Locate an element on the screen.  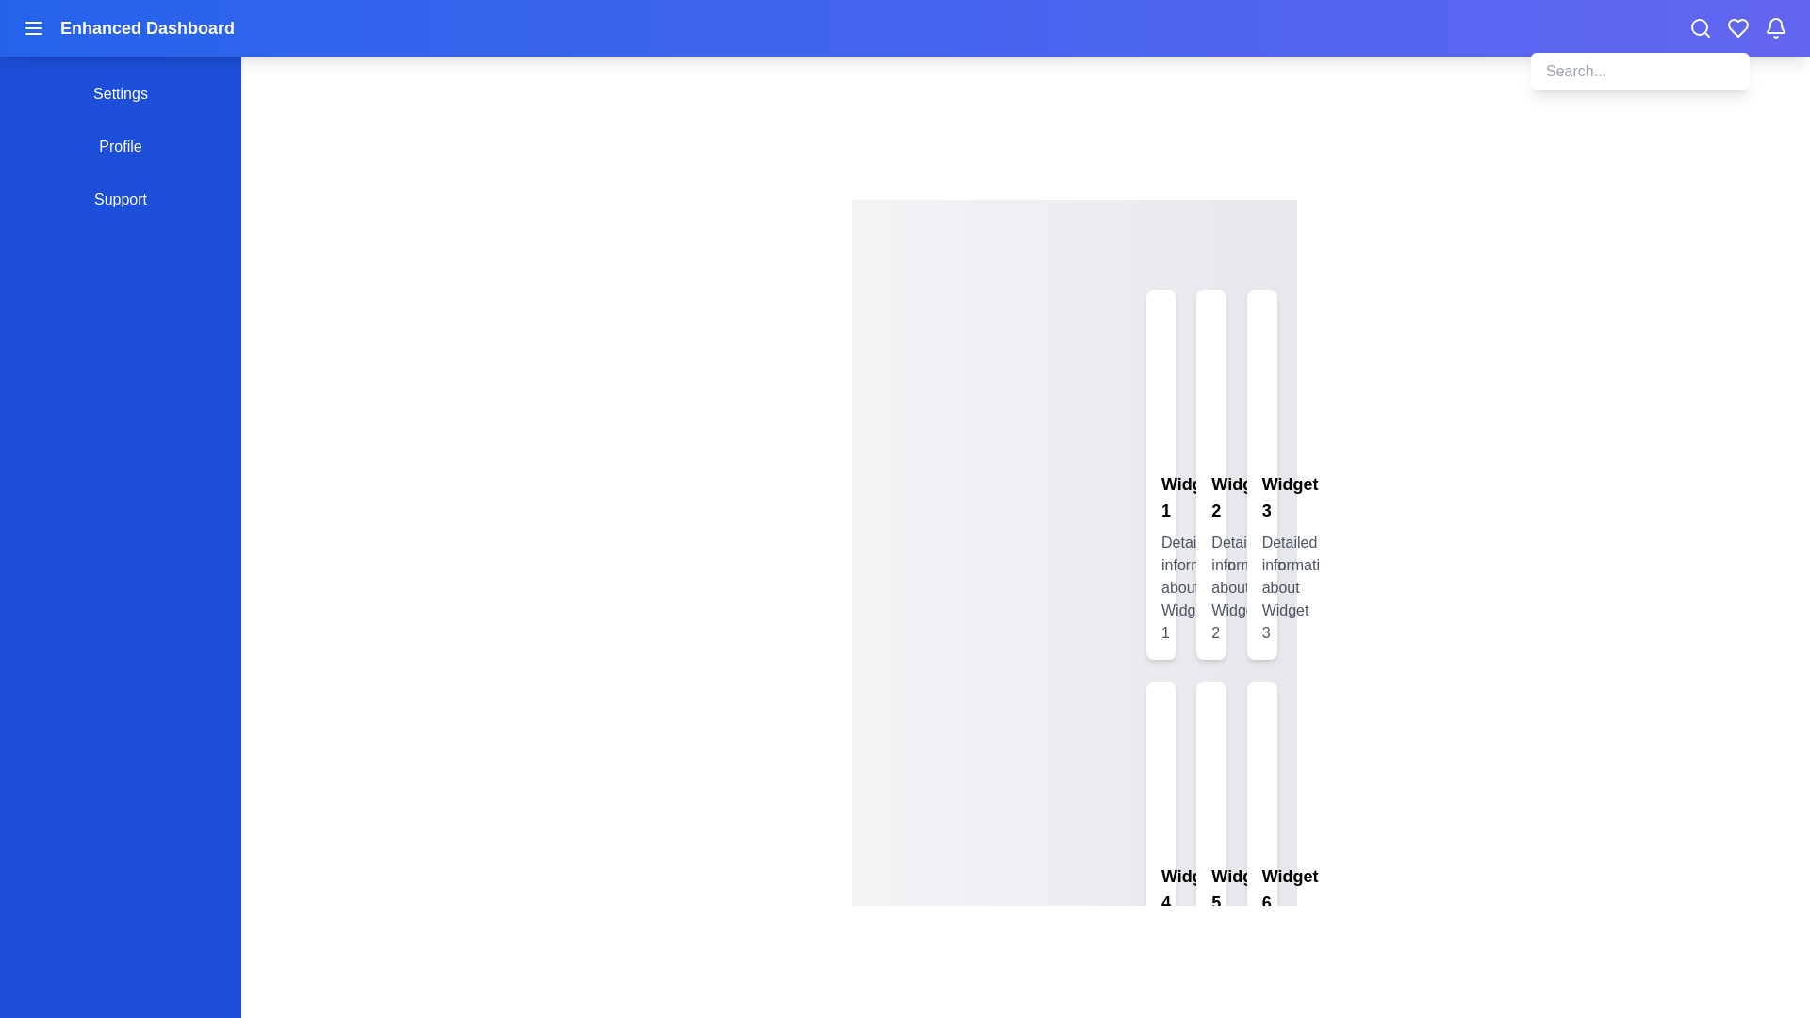
the SVG Circle that represents the circular glass area of the search icon located in the top-right corner of the interface is located at coordinates (1700, 27).